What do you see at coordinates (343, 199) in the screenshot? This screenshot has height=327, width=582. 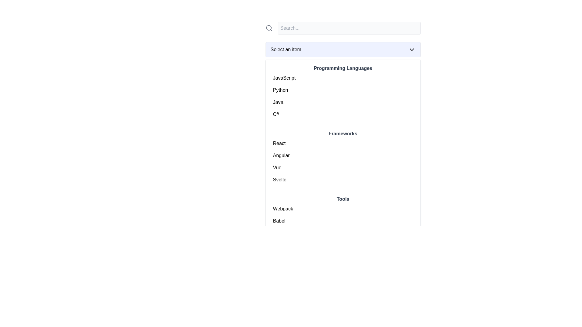 I see `the static text element displaying 'Tools', which is a bold gray header located above the 'Webpack' entry in a vertical list` at bounding box center [343, 199].